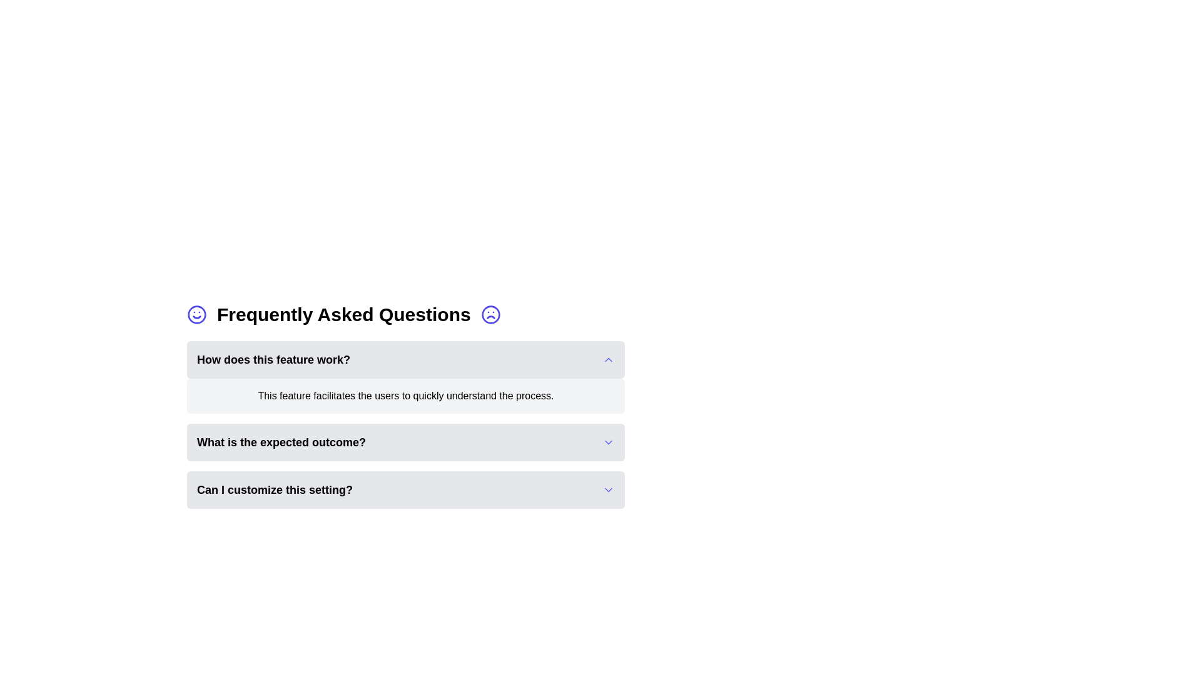 This screenshot has width=1201, height=676. What do you see at coordinates (405, 441) in the screenshot?
I see `the third Collapsible FAQ item labeled 'What is the expected outcome?'` at bounding box center [405, 441].